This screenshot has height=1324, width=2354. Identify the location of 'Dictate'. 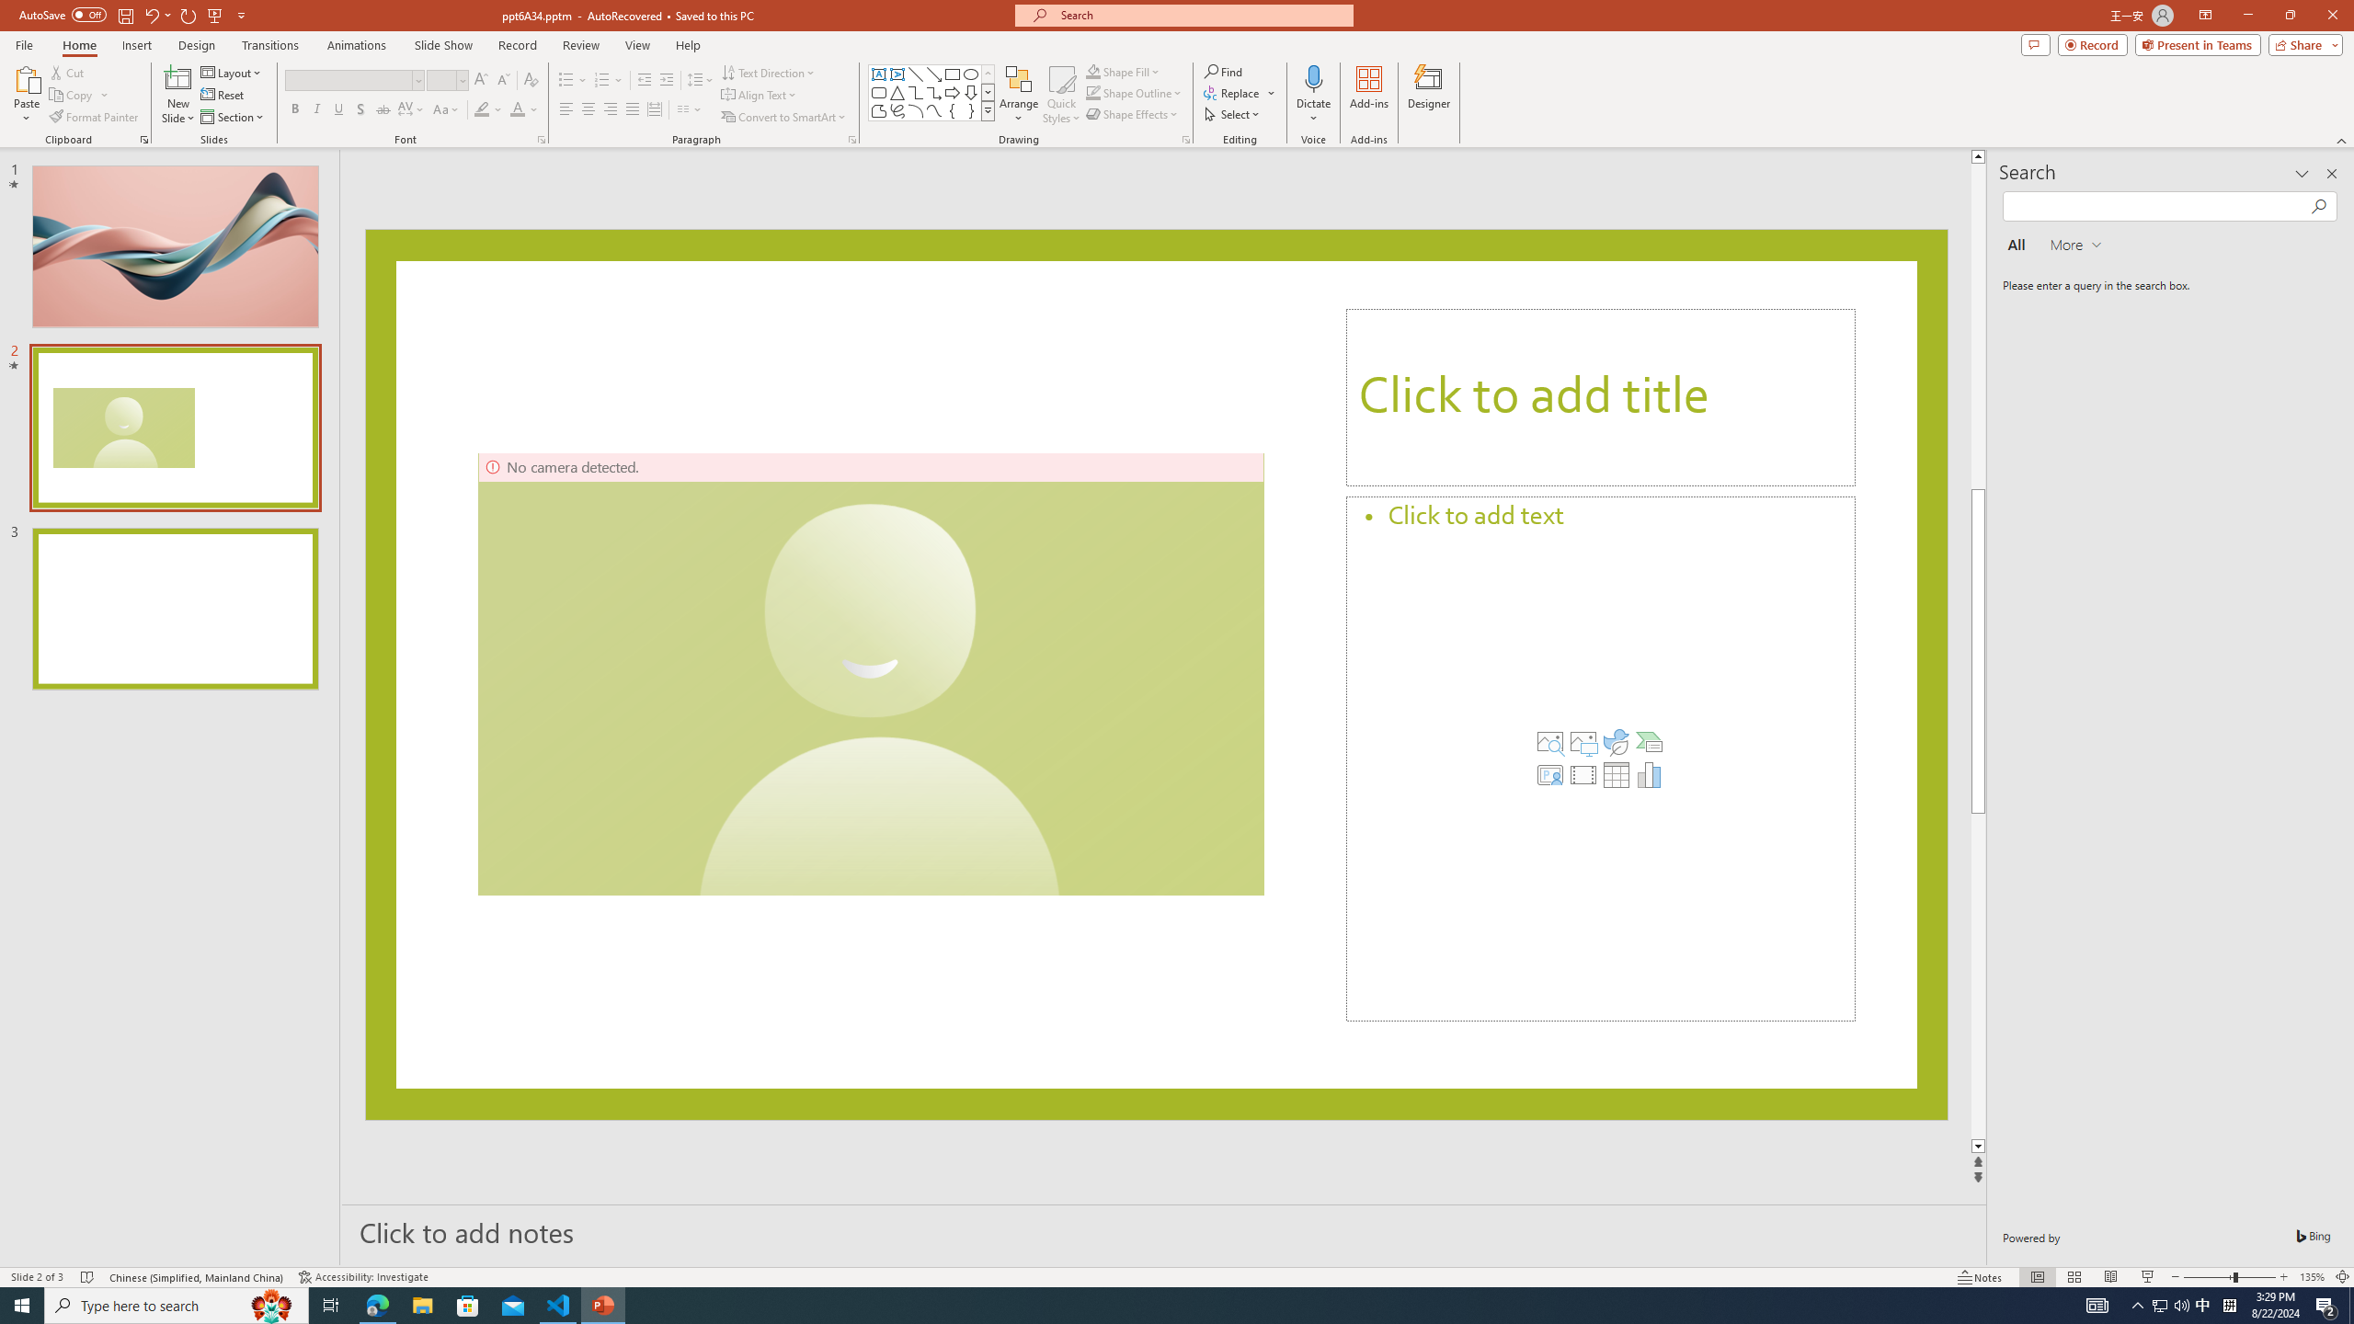
(1312, 77).